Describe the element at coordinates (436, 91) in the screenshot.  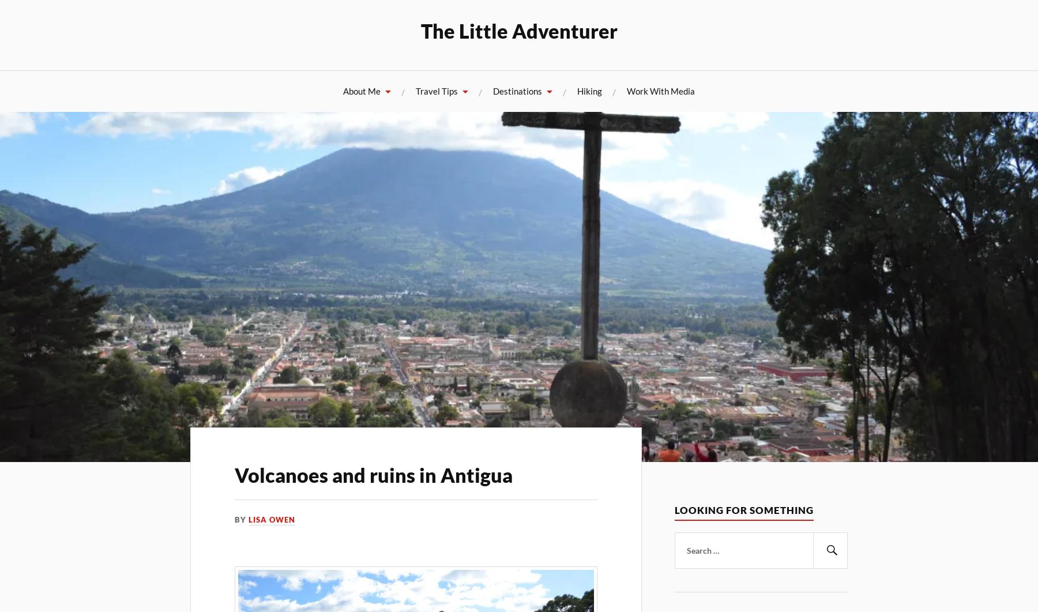
I see `'Travel Tips'` at that location.